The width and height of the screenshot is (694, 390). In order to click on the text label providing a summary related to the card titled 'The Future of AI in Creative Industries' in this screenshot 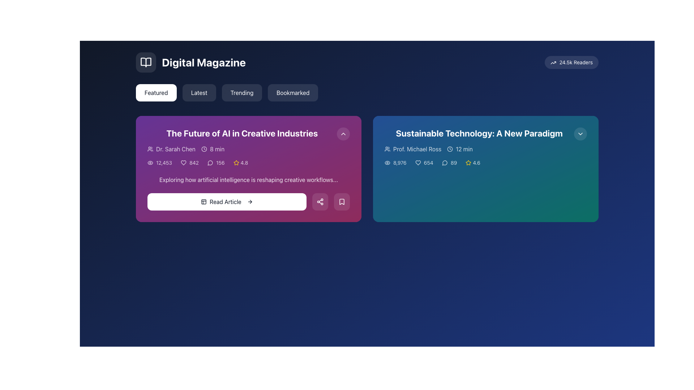, I will do `click(248, 179)`.